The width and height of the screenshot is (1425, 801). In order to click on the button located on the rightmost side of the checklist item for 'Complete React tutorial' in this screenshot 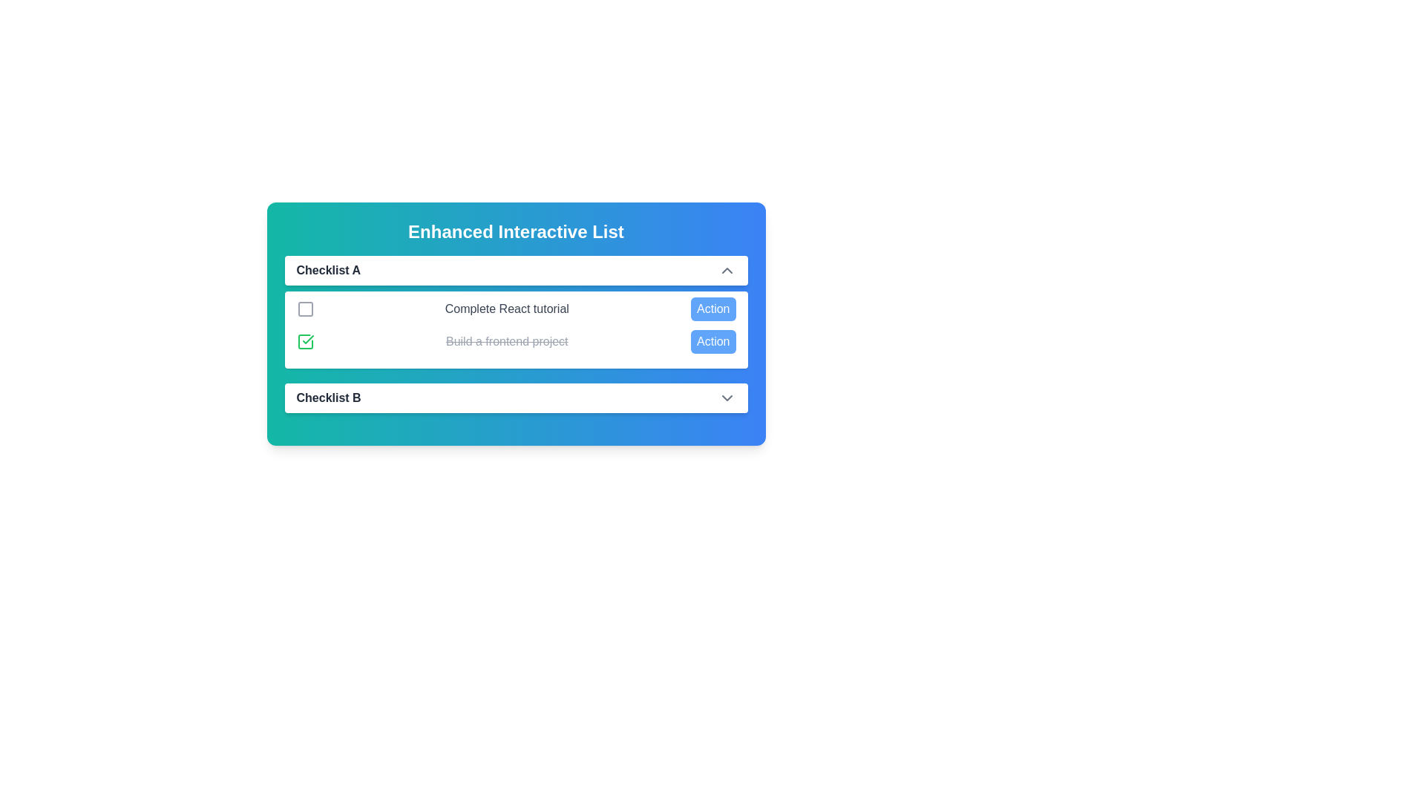, I will do `click(713, 308)`.